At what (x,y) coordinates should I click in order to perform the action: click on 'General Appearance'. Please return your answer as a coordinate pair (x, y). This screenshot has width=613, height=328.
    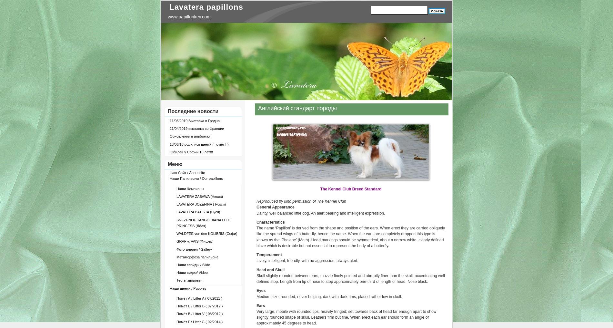
    Looking at the image, I should click on (275, 207).